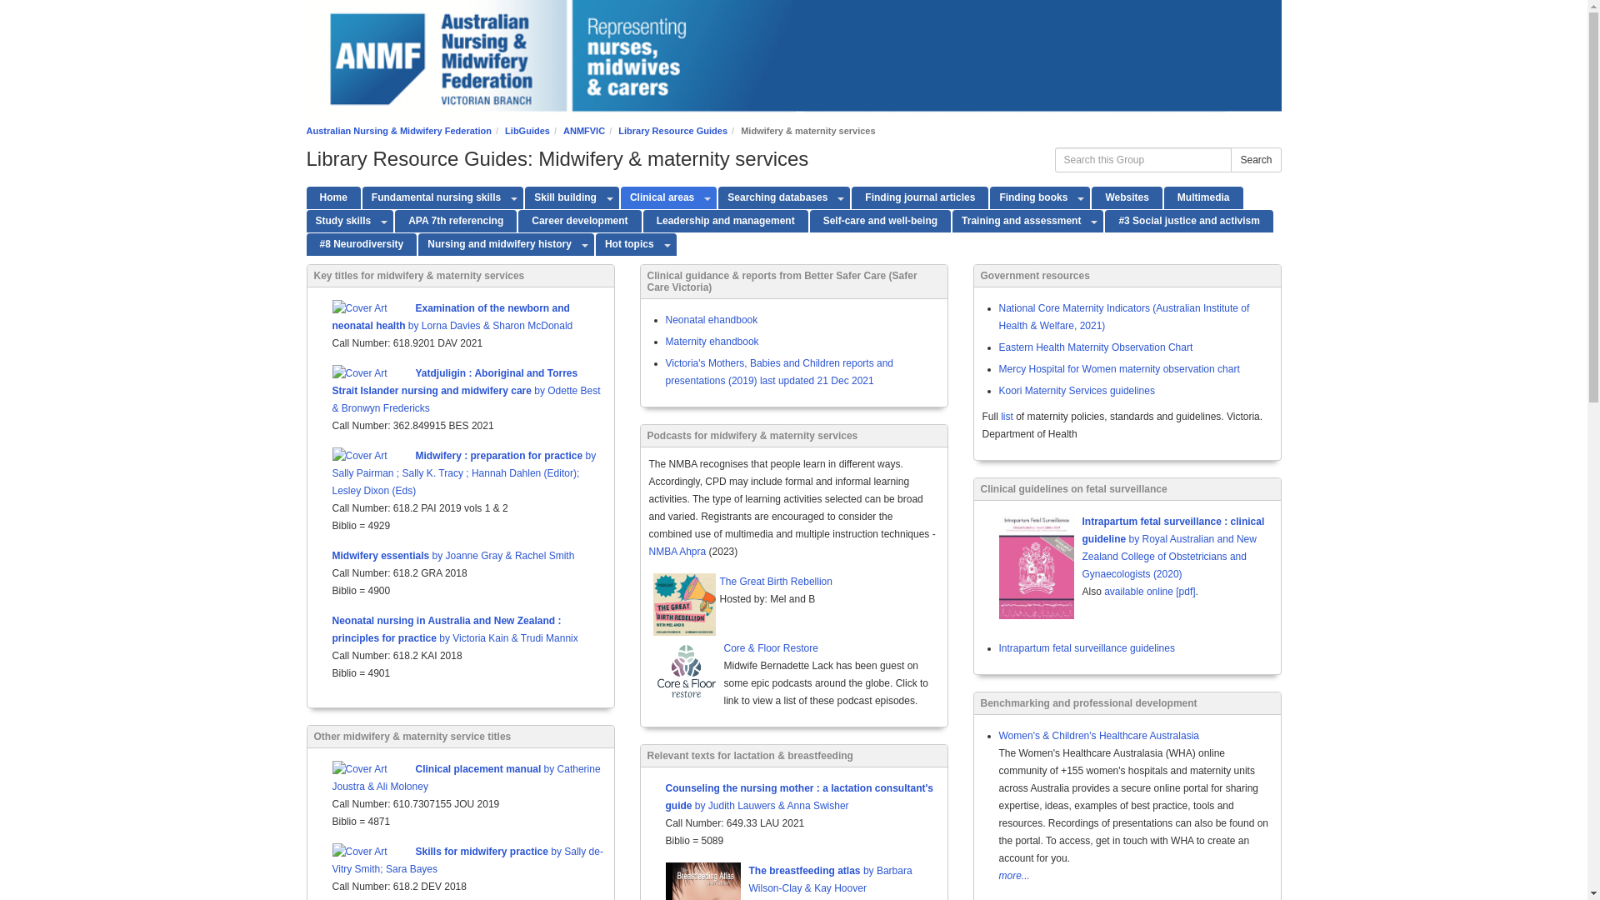  Describe the element at coordinates (452, 556) in the screenshot. I see `'Midwifery essentials by Joanne Gray & Rachel Smith'` at that location.